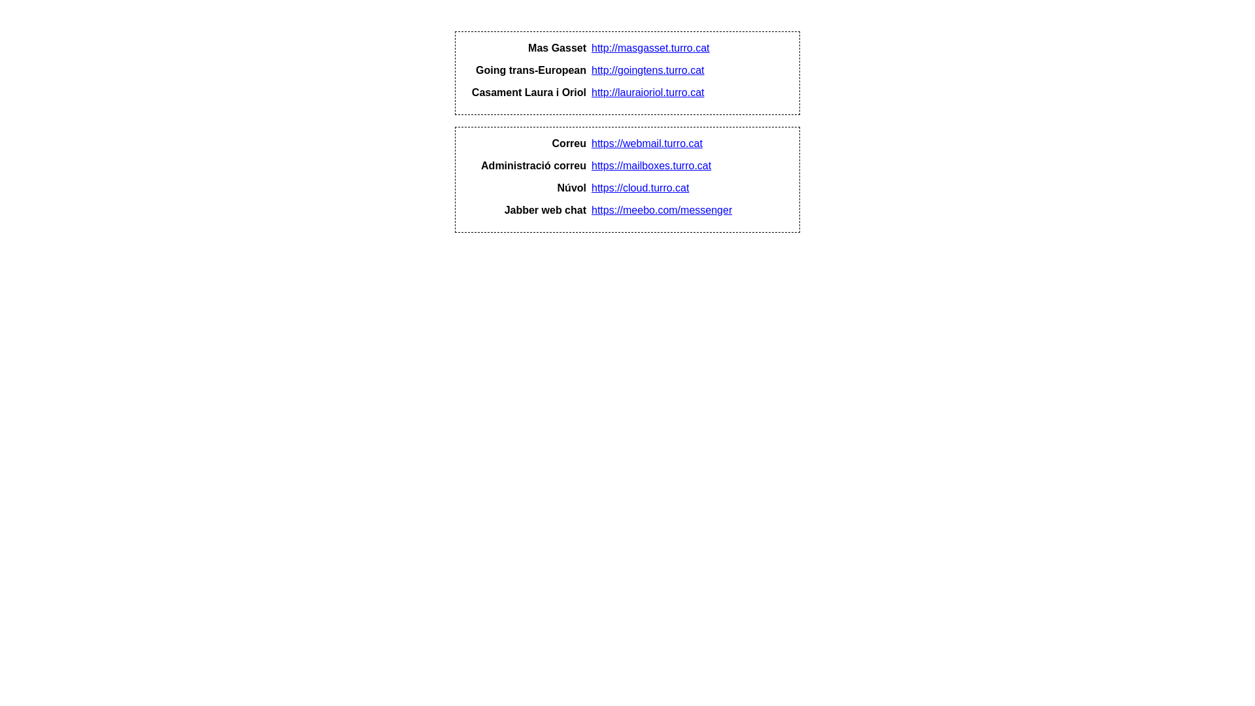 Image resolution: width=1255 pixels, height=706 pixels. I want to click on 'http://goingtens.turro.cat', so click(648, 70).